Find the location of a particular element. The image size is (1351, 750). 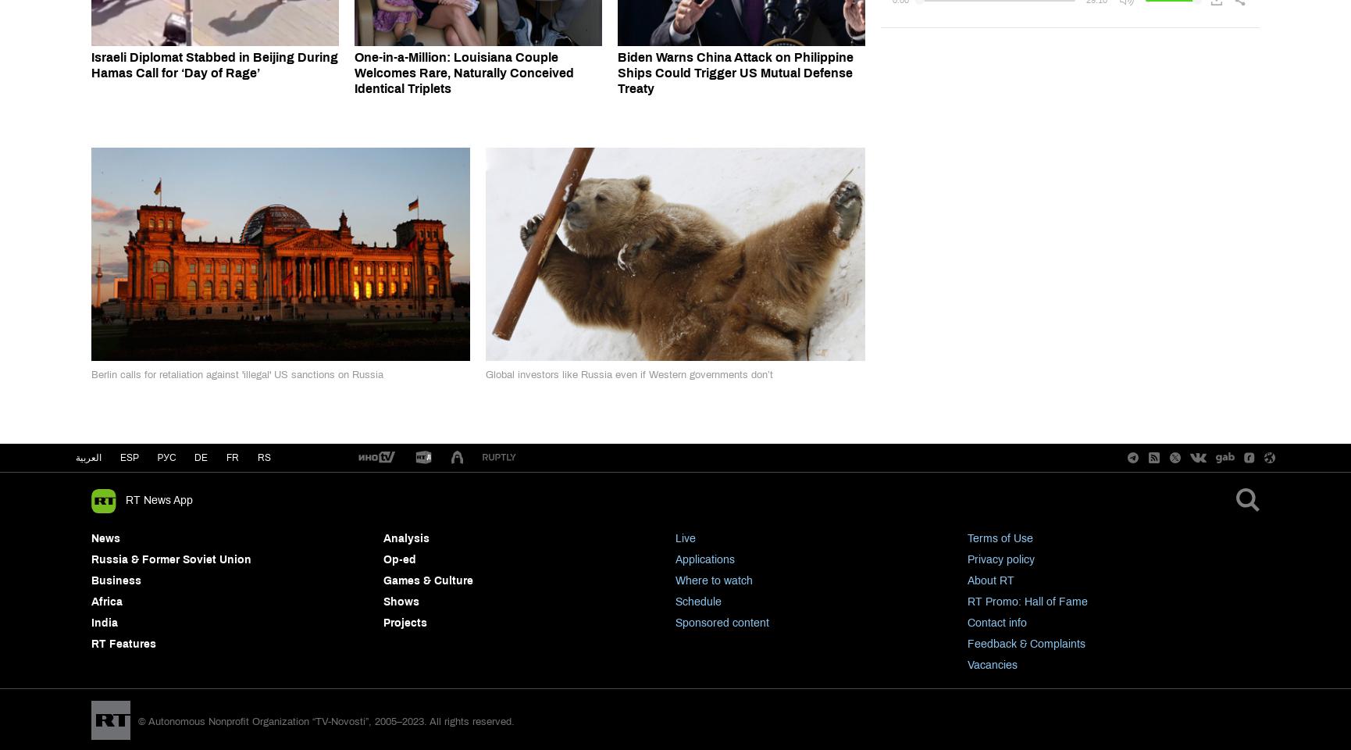

'Terms of Use' is located at coordinates (968, 538).